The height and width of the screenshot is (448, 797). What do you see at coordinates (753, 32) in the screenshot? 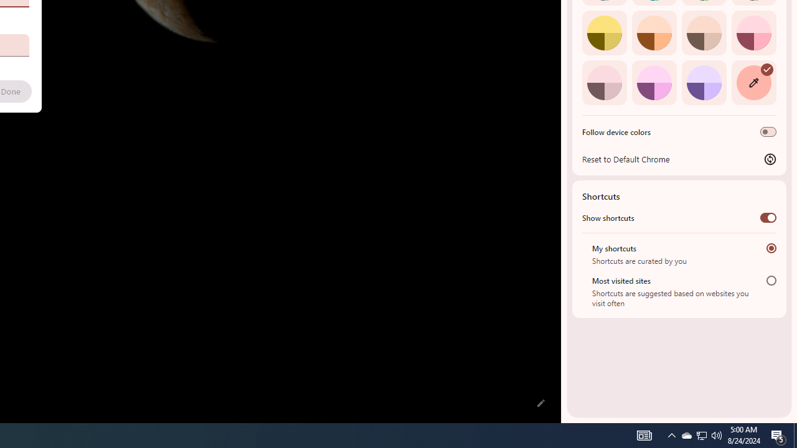
I see `'Rose'` at bounding box center [753, 32].